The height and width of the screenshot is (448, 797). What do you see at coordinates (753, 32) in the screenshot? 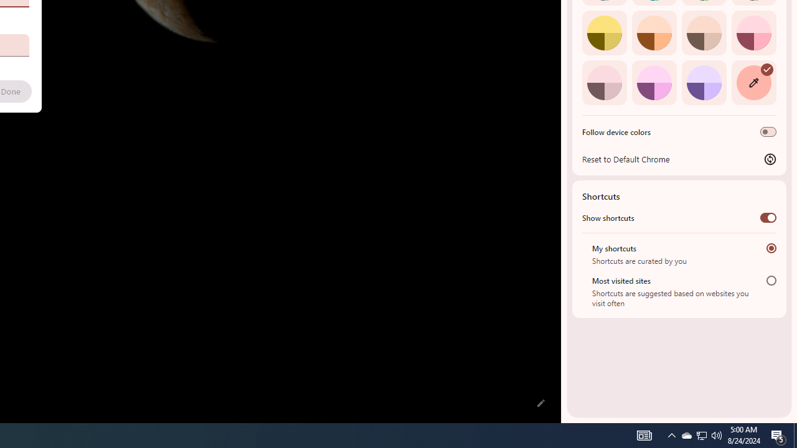
I see `'Rose'` at bounding box center [753, 32].